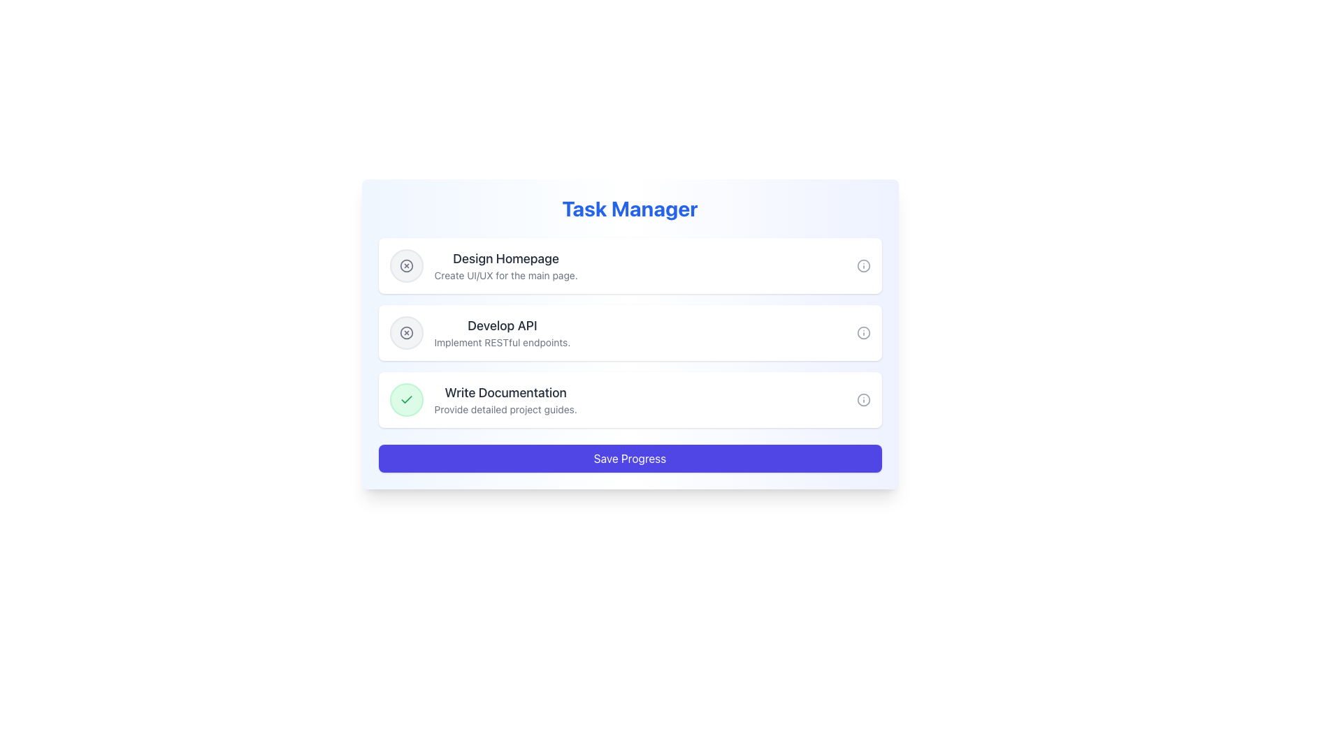  What do you see at coordinates (405, 400) in the screenshot?
I see `the checkmark icon inside the circular green background located in the bottom-most task item labeled 'Write Documentation'` at bounding box center [405, 400].